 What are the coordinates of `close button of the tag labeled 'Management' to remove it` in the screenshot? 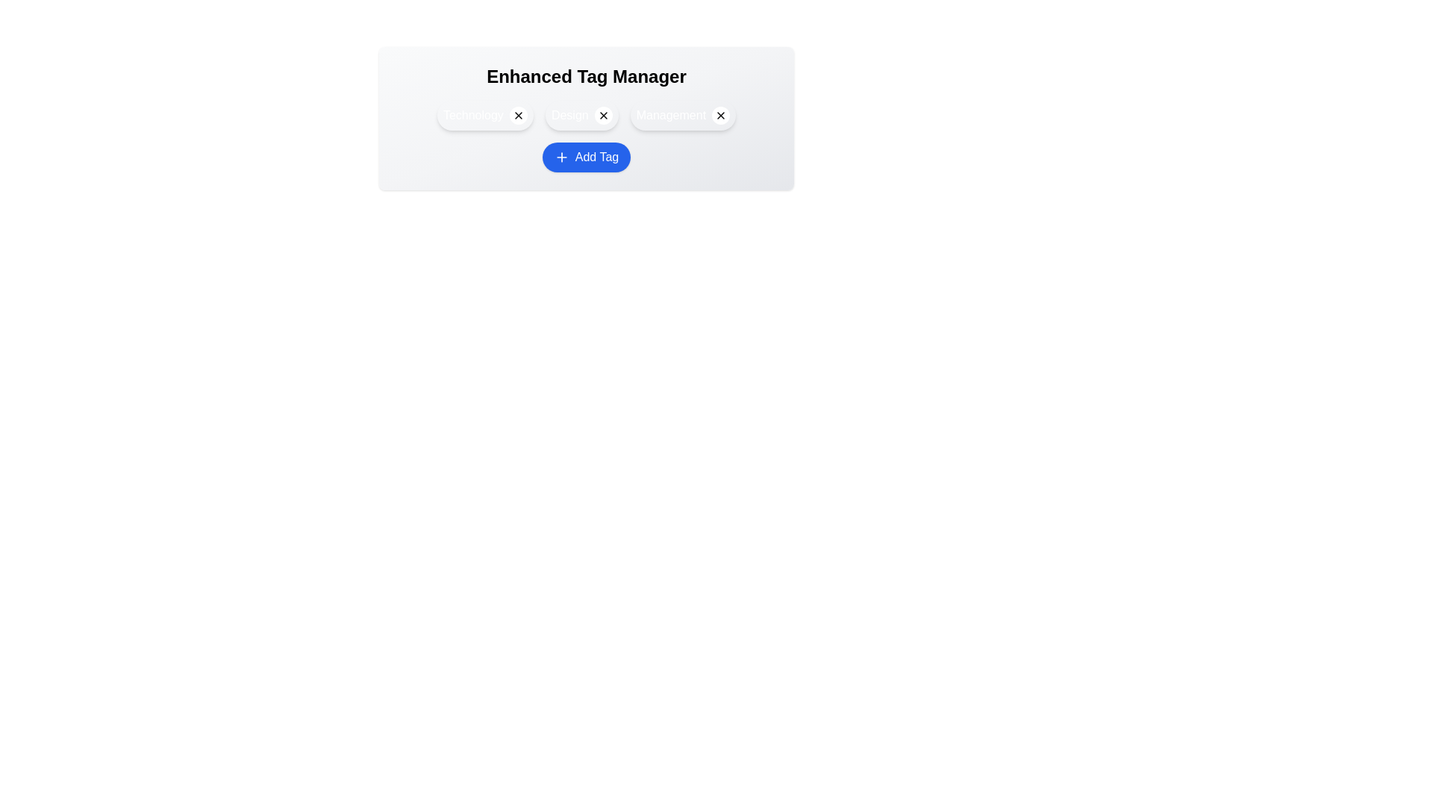 It's located at (721, 114).